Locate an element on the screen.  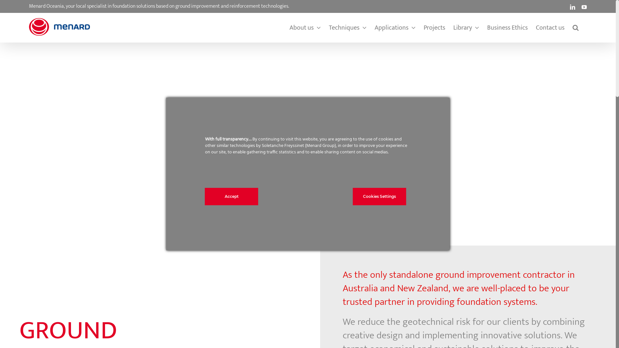
'Library' is located at coordinates (453, 27).